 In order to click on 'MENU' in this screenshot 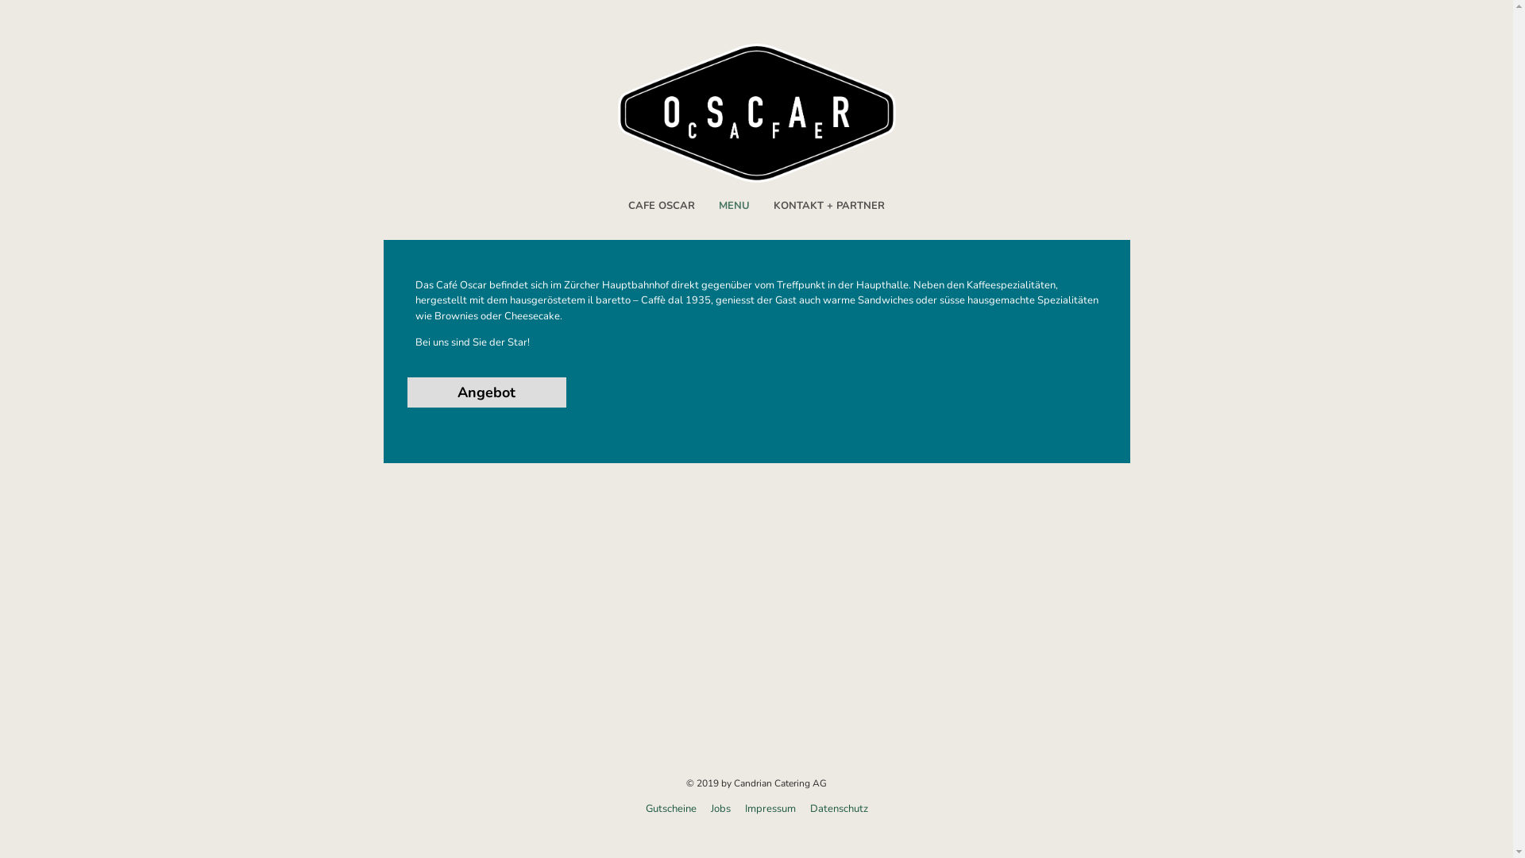, I will do `click(705, 205)`.